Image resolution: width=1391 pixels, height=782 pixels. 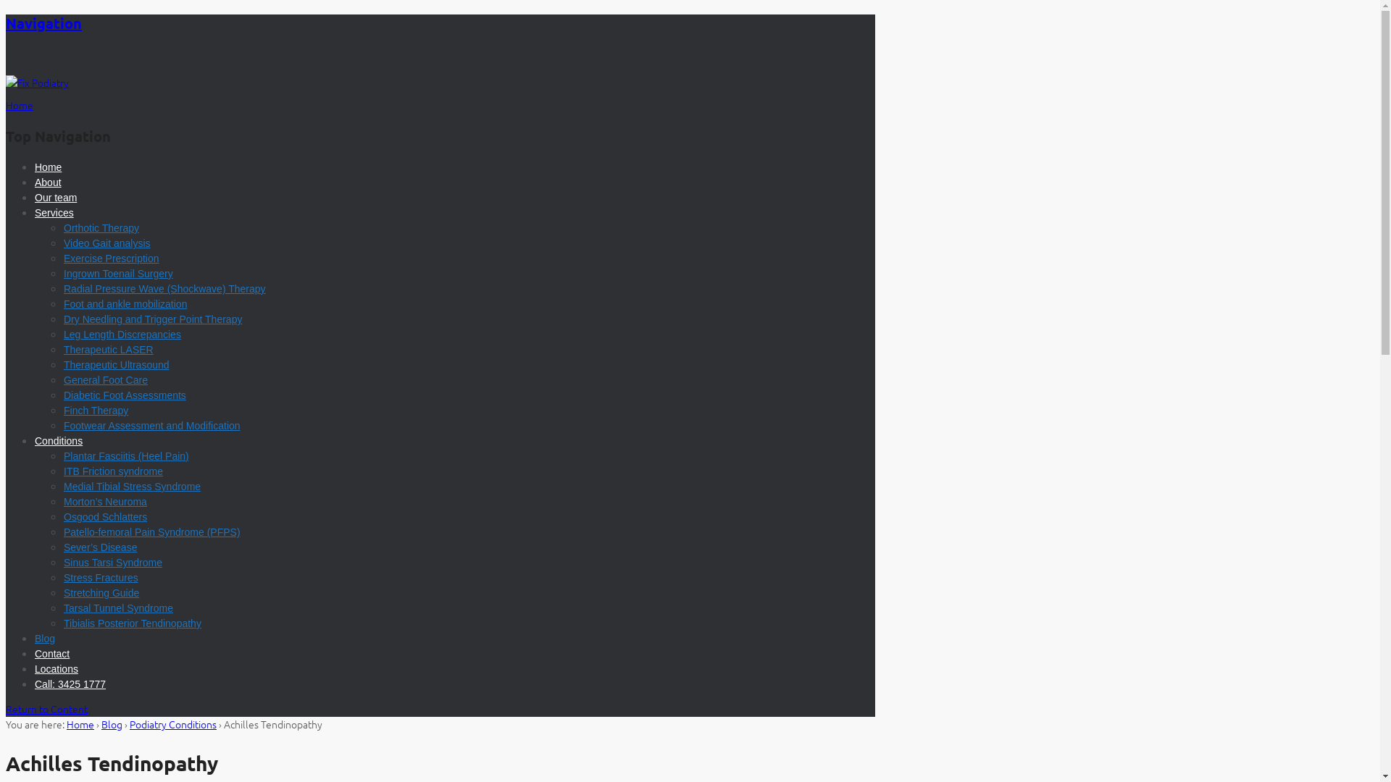 What do you see at coordinates (45, 638) in the screenshot?
I see `'Blog'` at bounding box center [45, 638].